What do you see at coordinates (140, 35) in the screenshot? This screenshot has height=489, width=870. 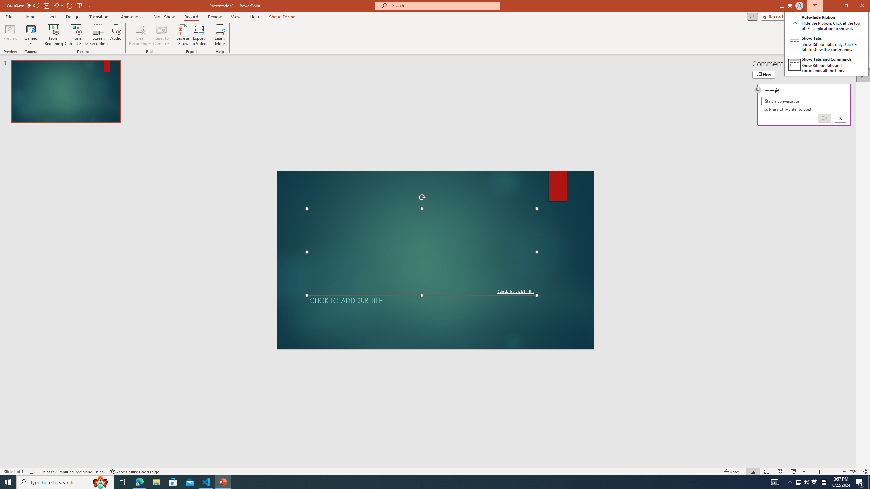 I see `'Clear Recording'` at bounding box center [140, 35].